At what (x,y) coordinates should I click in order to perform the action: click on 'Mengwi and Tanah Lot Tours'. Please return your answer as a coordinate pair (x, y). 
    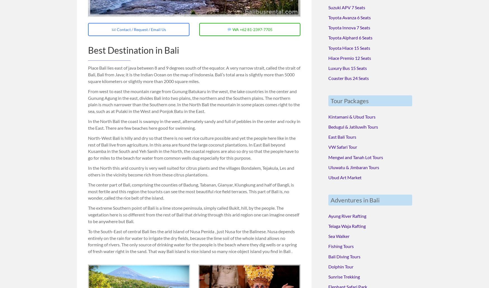
    Looking at the image, I should click on (328, 156).